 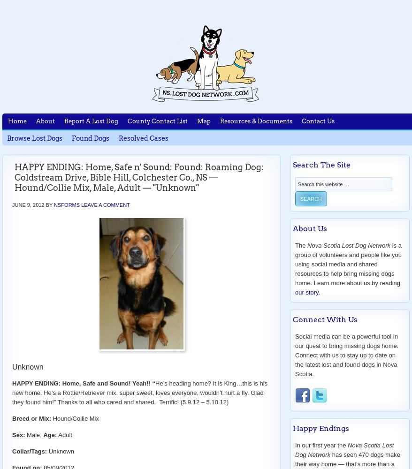 I want to click on 'Happy Endings', so click(x=320, y=428).